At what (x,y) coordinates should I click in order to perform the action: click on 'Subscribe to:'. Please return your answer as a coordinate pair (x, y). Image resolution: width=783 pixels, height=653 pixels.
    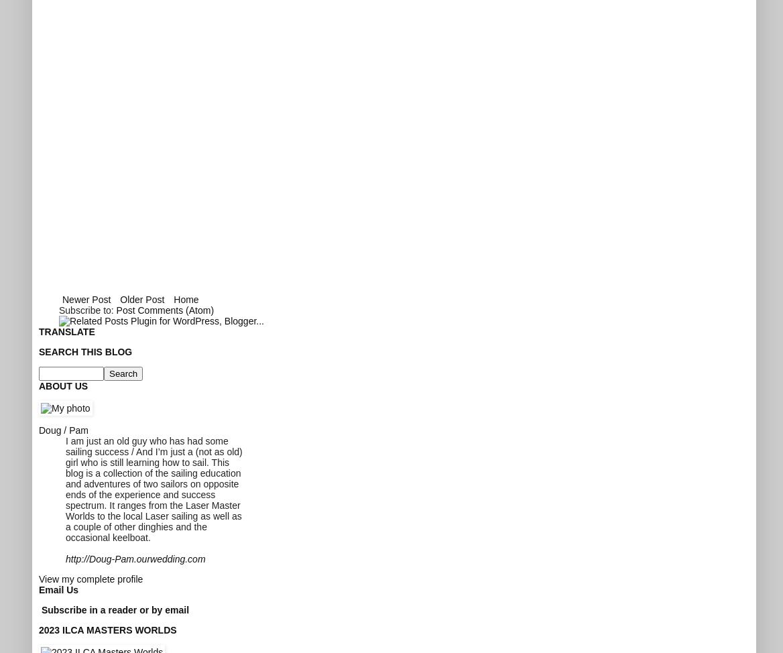
    Looking at the image, I should click on (86, 308).